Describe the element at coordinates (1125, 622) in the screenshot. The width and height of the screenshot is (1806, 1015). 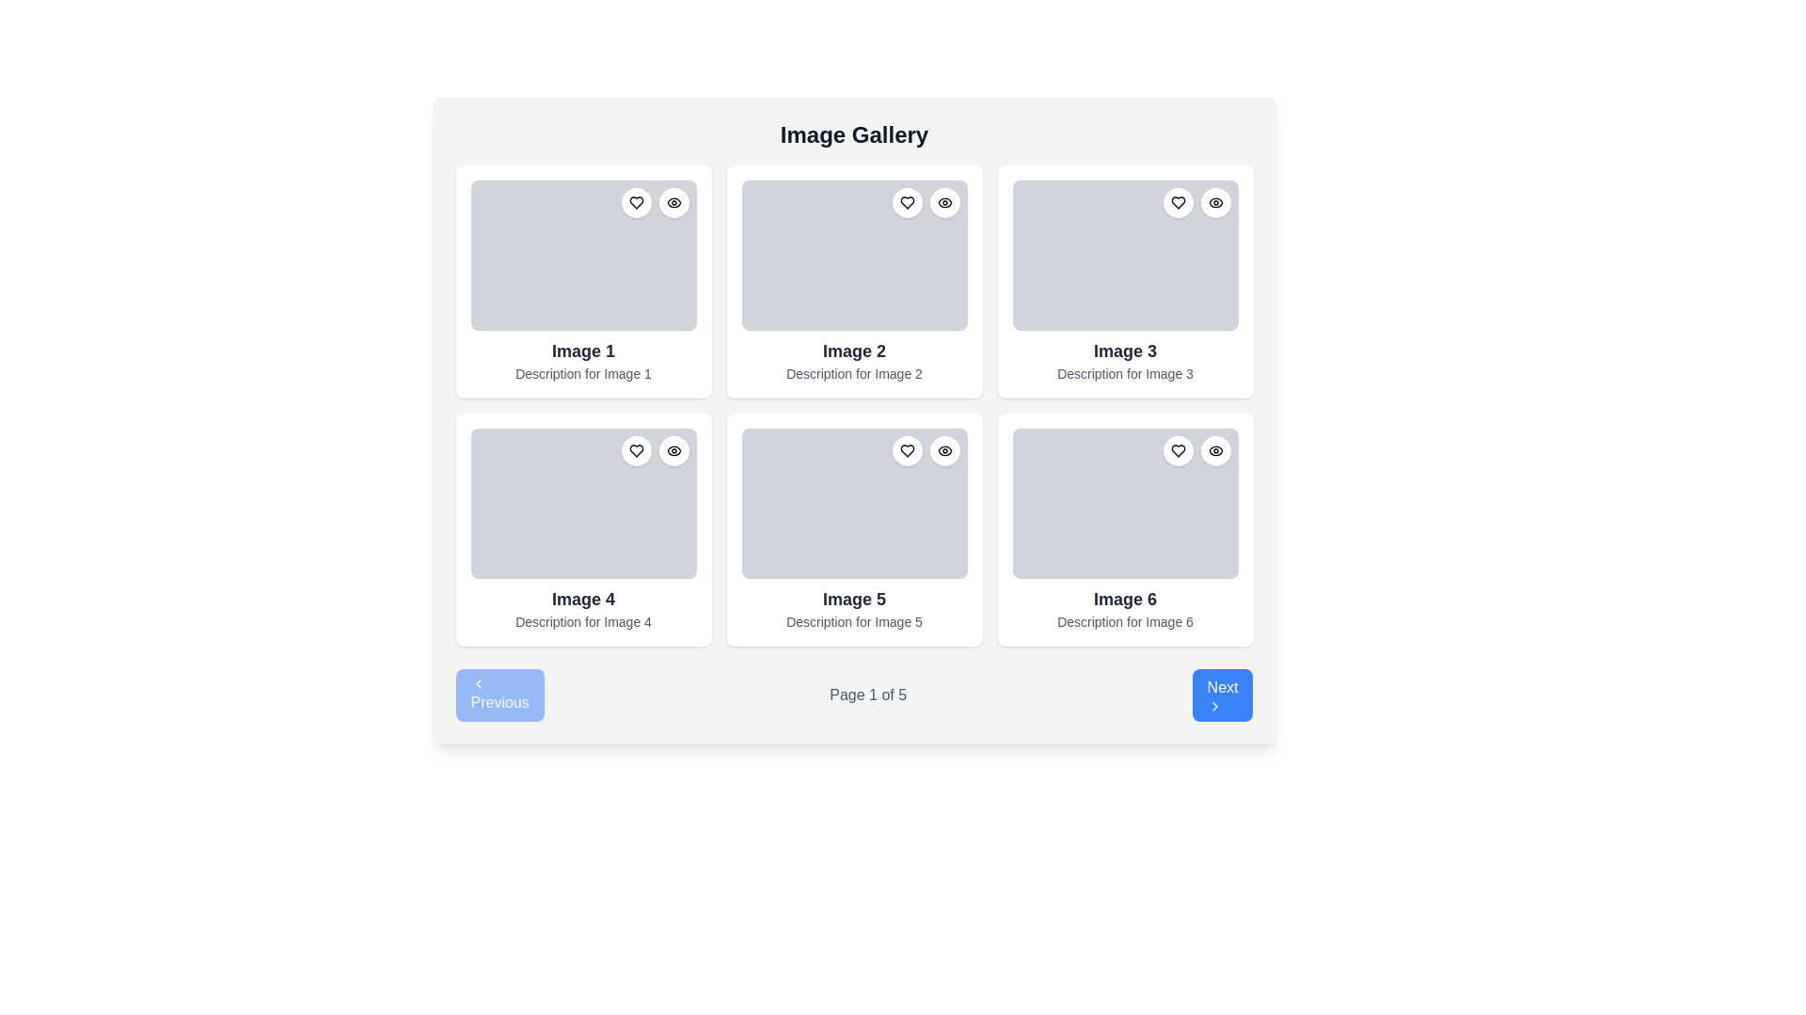
I see `the text label located directly below the image labeled 'Image 6' in the sixth content card of the grid interface` at that location.